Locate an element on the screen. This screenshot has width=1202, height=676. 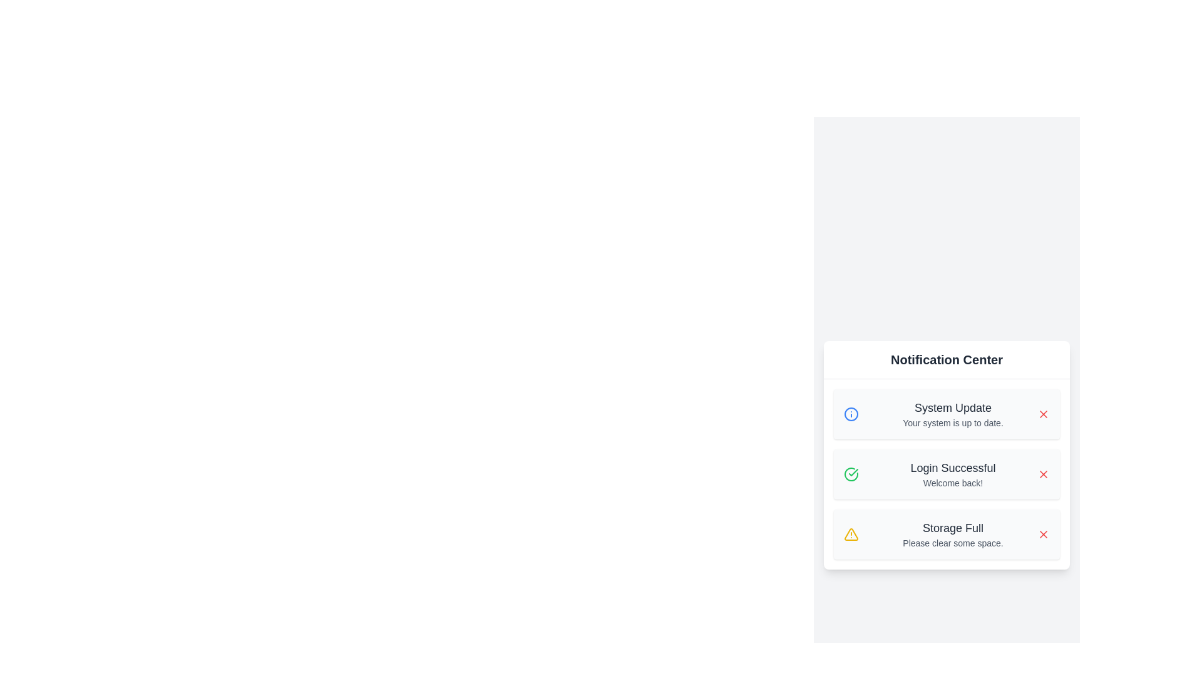
the text label that provides a friendly confirmation message located below the 'Login Successful' text in the Notification Center is located at coordinates (952, 482).